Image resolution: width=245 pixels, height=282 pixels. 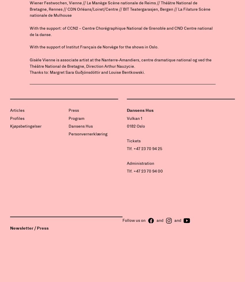 I want to click on 'Newsletter / Press', so click(x=29, y=228).